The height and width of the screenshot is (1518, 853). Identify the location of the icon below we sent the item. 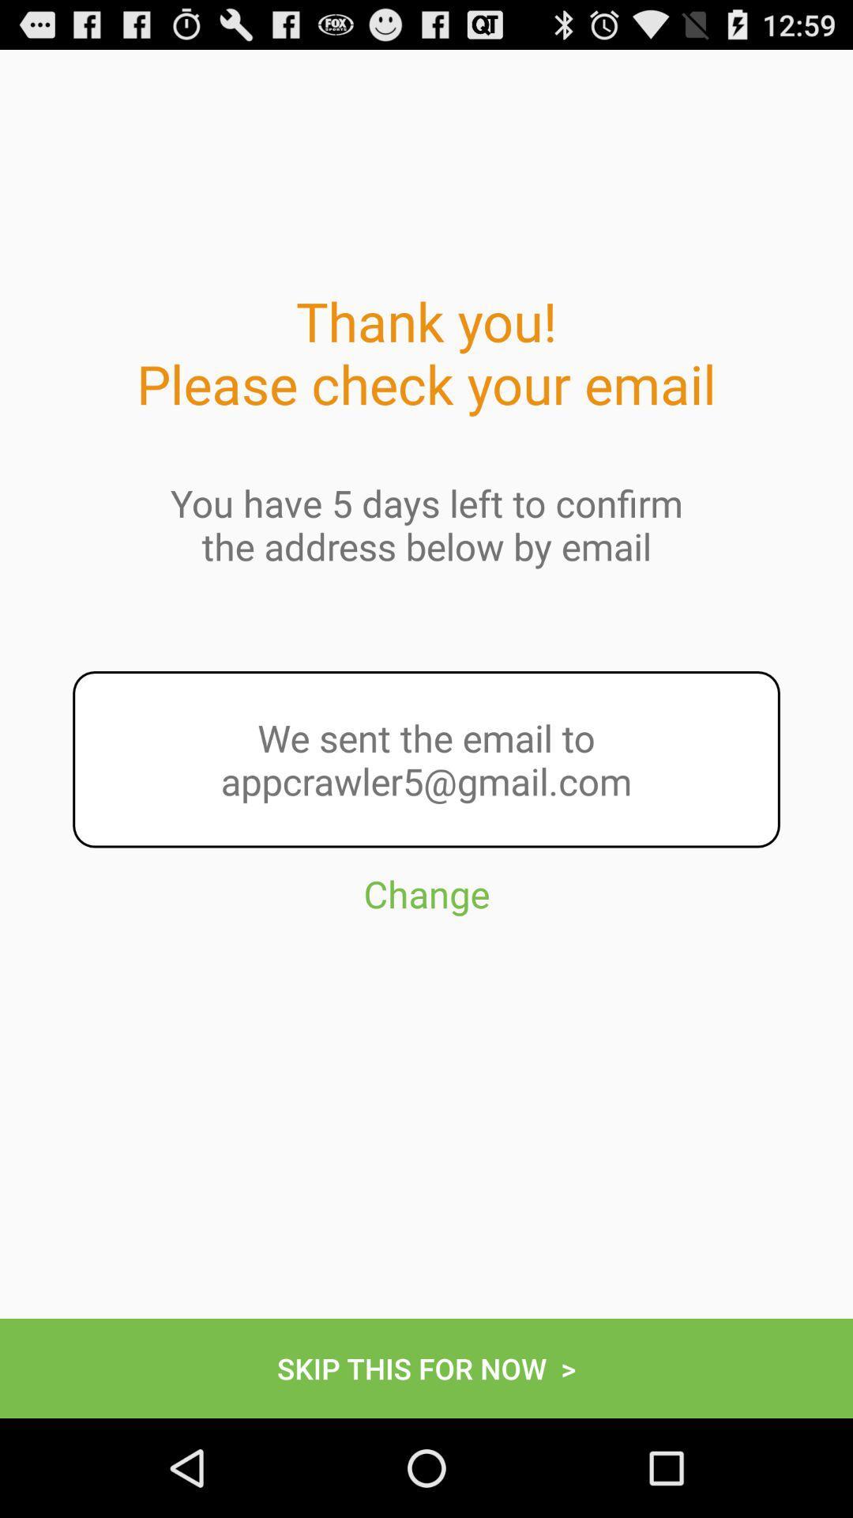
(426, 965).